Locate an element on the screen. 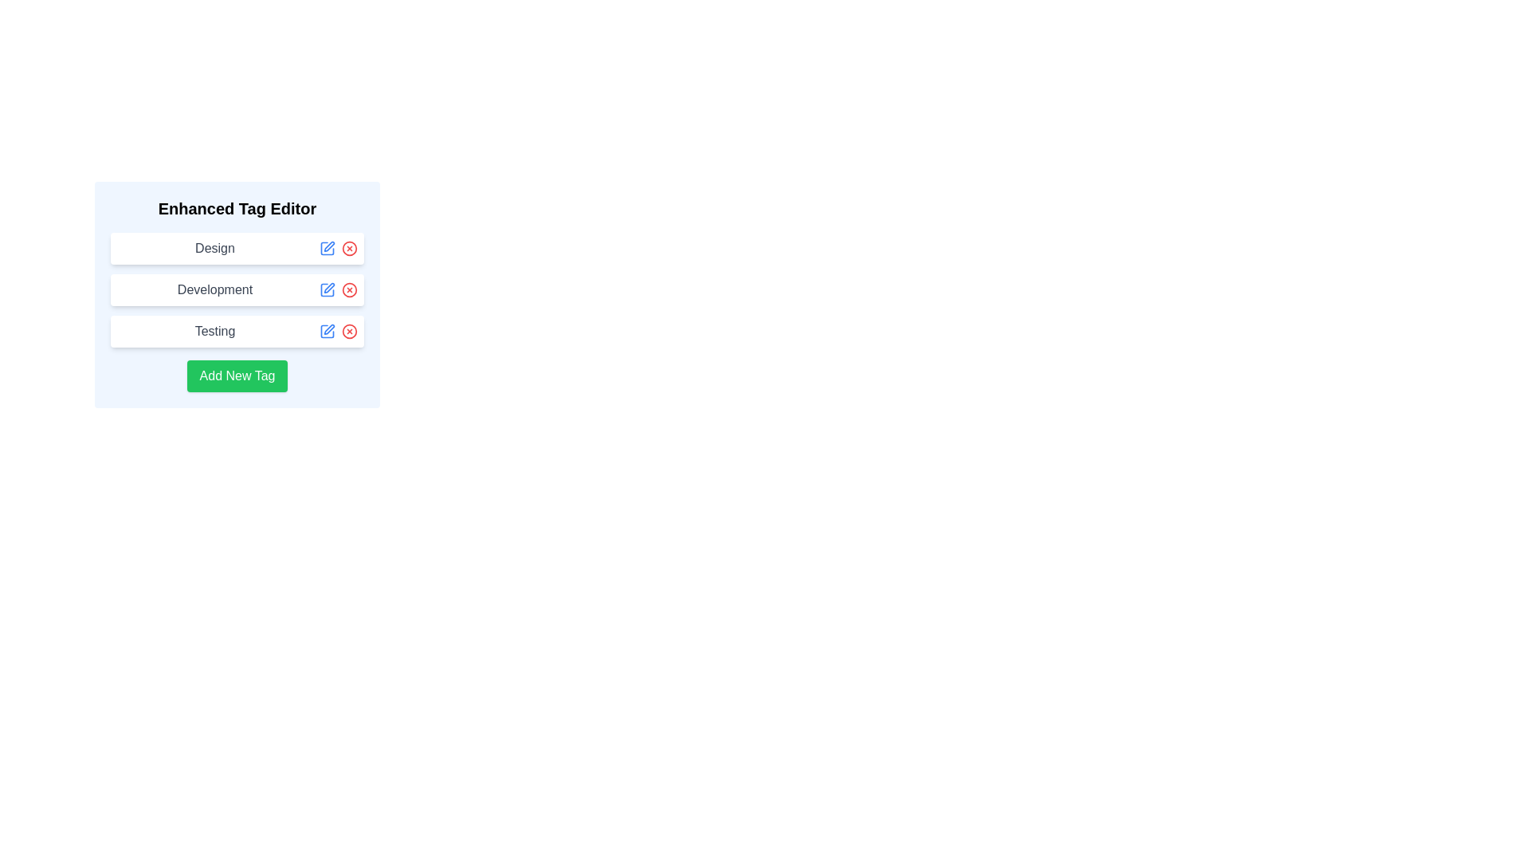 This screenshot has height=861, width=1530. the editing icon next to the text 'Development' in the 'Enhanced Tag Editor' interface to initiate editing is located at coordinates (327, 289).